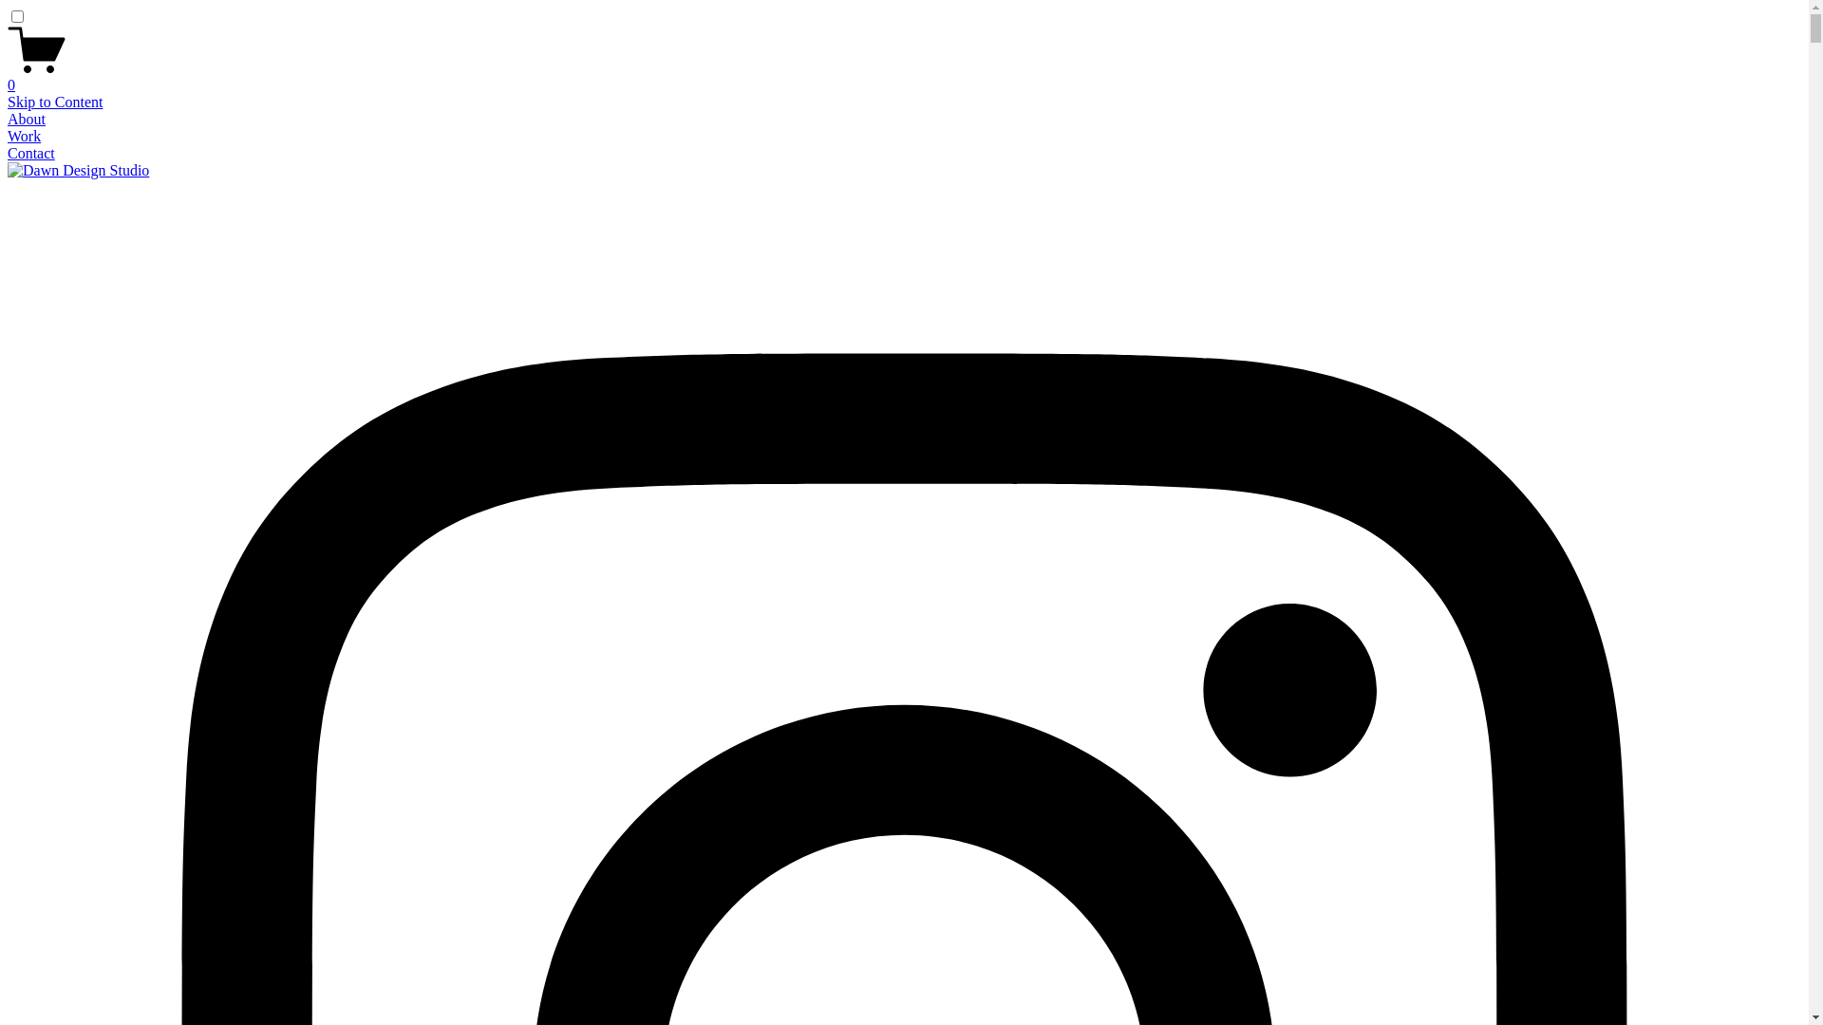  What do you see at coordinates (903, 76) in the screenshot?
I see `'0'` at bounding box center [903, 76].